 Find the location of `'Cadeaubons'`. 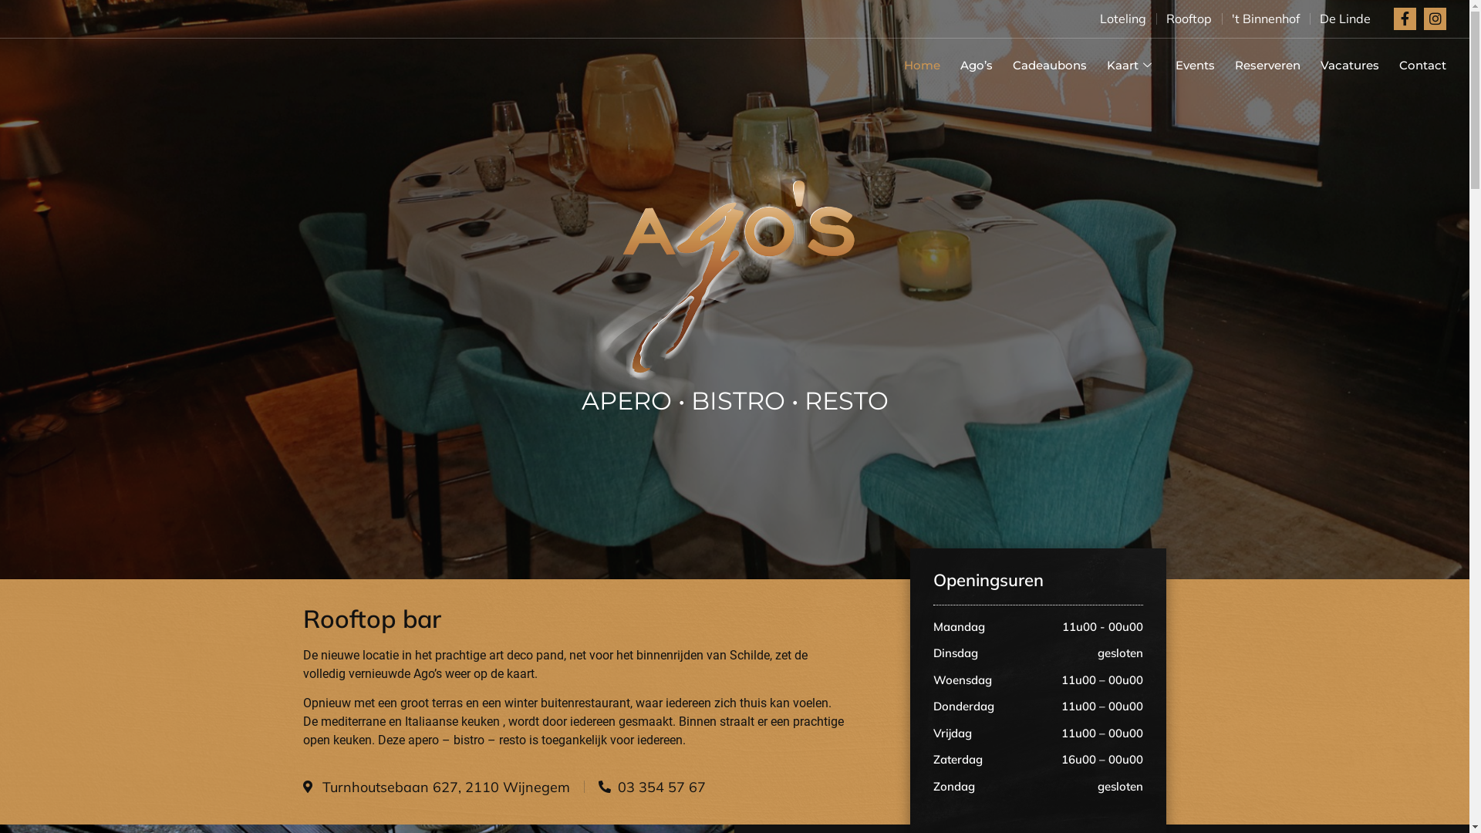

'Cadeaubons' is located at coordinates (1040, 64).